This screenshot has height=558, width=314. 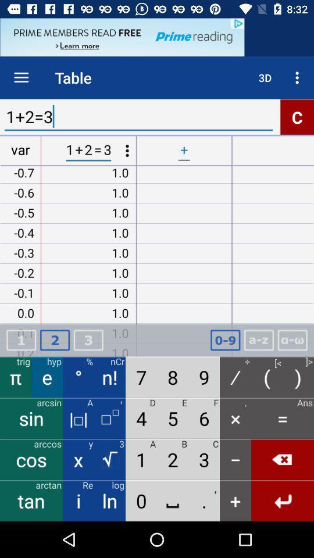 I want to click on 3, so click(x=88, y=340).